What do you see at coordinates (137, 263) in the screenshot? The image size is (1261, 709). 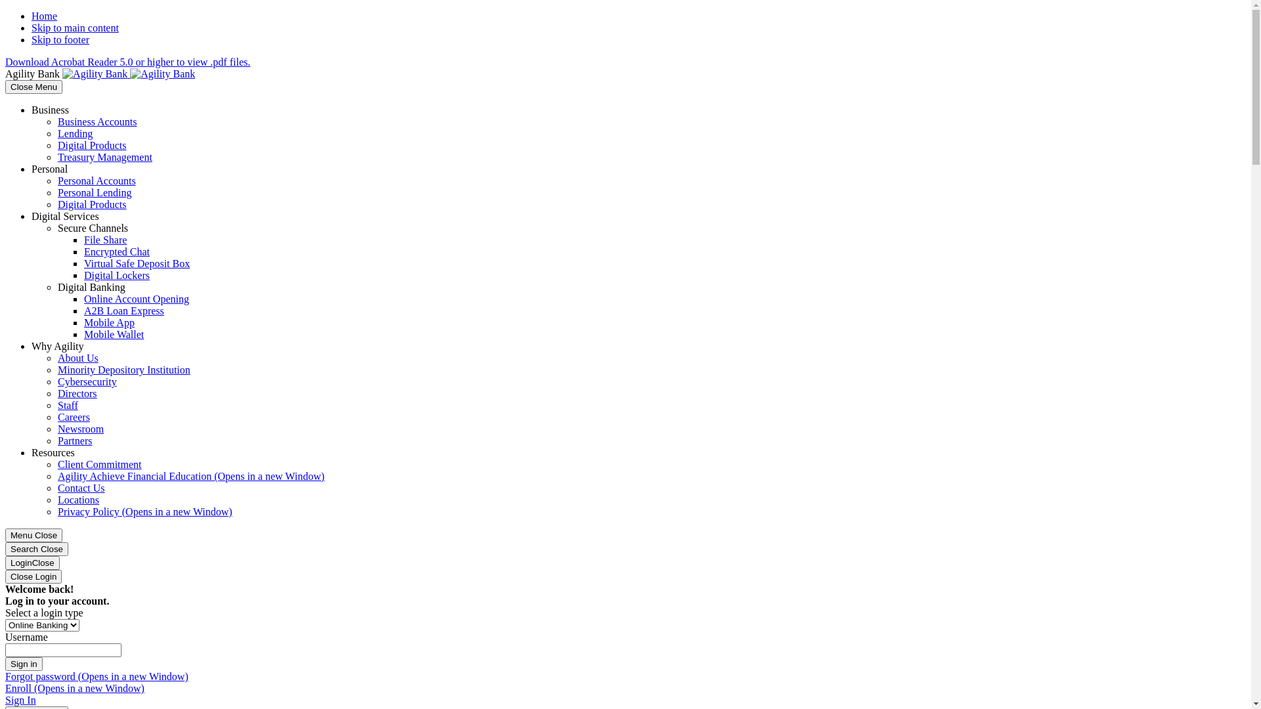 I see `'Virtual Safe Deposit Box'` at bounding box center [137, 263].